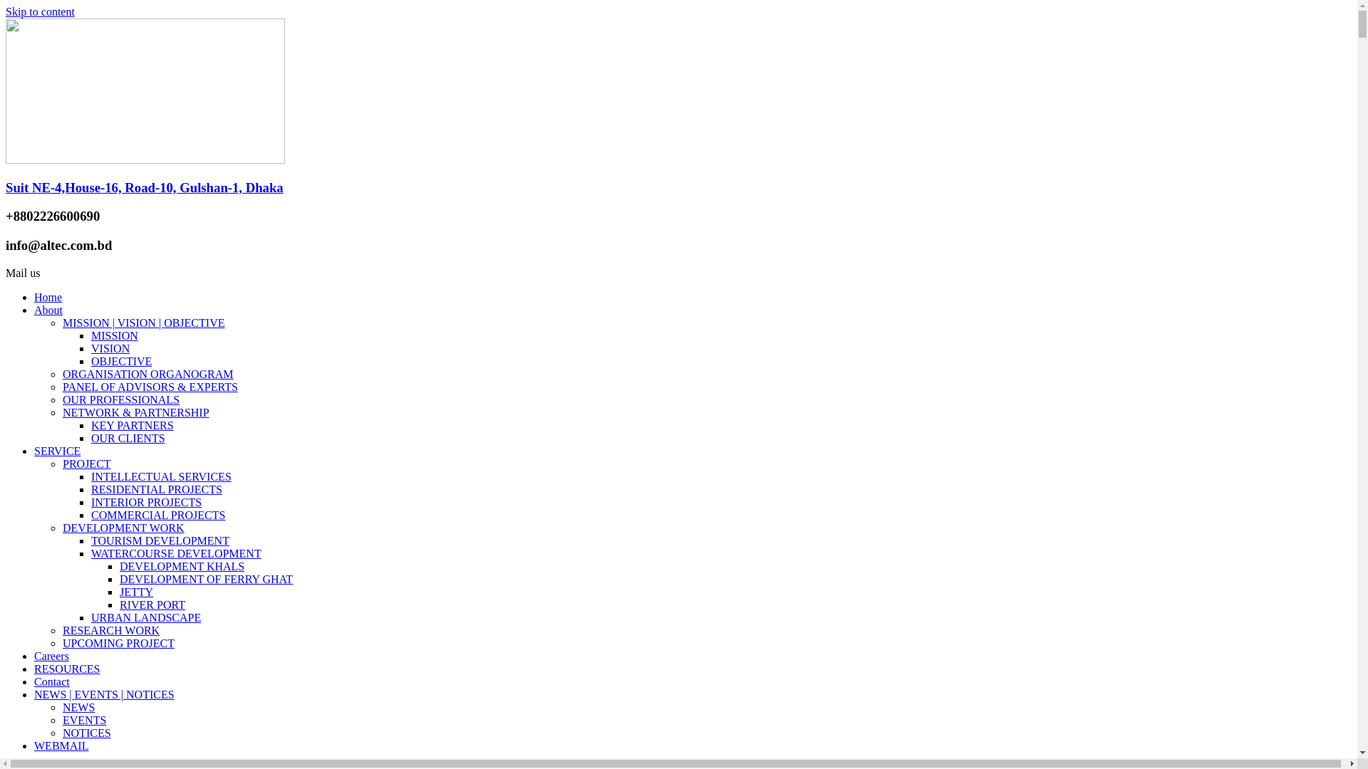 This screenshot has height=769, width=1368. Describe the element at coordinates (85, 464) in the screenshot. I see `'PROJECT'` at that location.